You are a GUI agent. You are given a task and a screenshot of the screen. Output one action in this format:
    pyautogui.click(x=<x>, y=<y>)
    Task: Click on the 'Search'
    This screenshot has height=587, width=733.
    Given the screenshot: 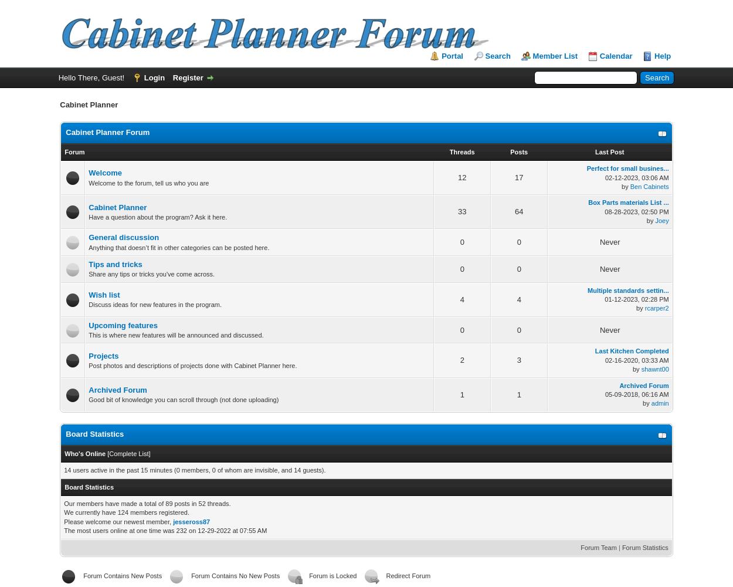 What is the action you would take?
    pyautogui.click(x=497, y=55)
    